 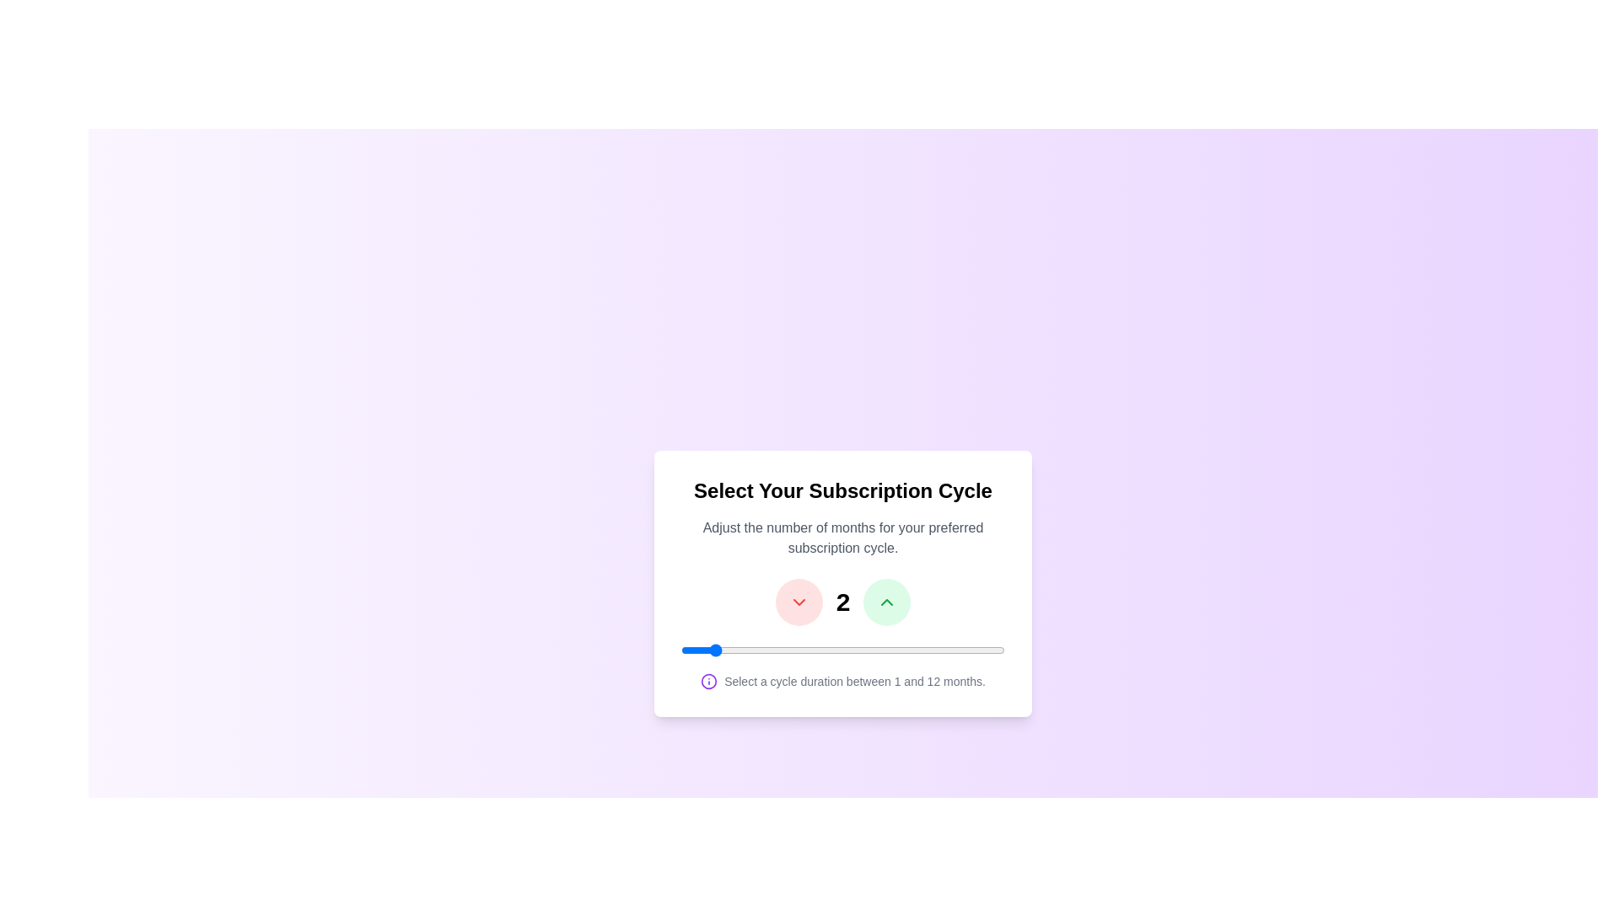 What do you see at coordinates (709, 681) in the screenshot?
I see `the circular purple-bordered information icon containing an 'i' symbol, located to the left of the text 'Select a cycle duration between 1 and 12 months.'` at bounding box center [709, 681].